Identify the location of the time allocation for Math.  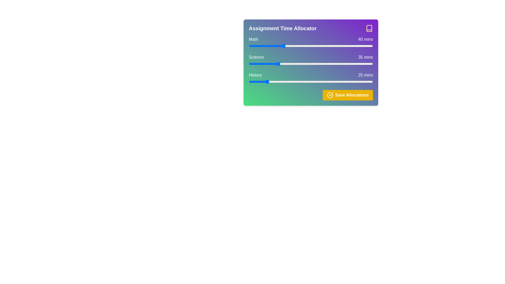
(289, 45).